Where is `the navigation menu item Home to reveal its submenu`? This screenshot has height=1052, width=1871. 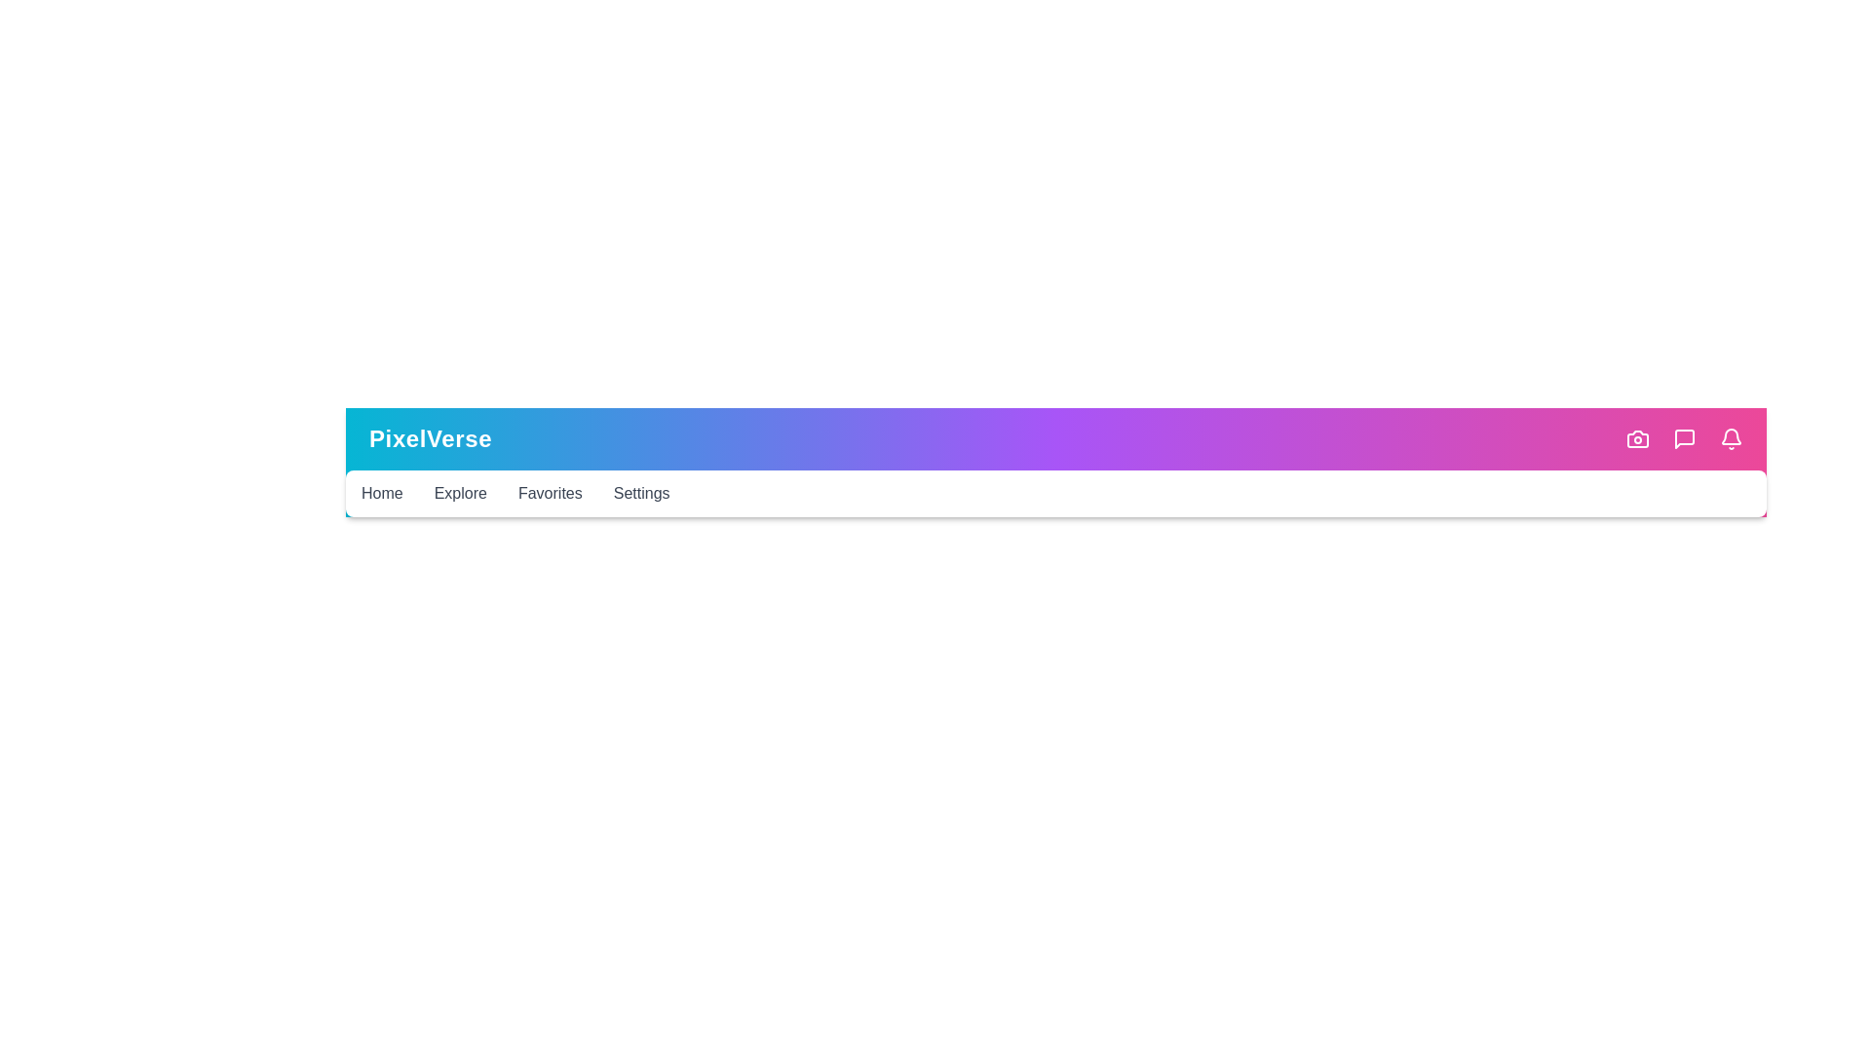
the navigation menu item Home to reveal its submenu is located at coordinates (382, 491).